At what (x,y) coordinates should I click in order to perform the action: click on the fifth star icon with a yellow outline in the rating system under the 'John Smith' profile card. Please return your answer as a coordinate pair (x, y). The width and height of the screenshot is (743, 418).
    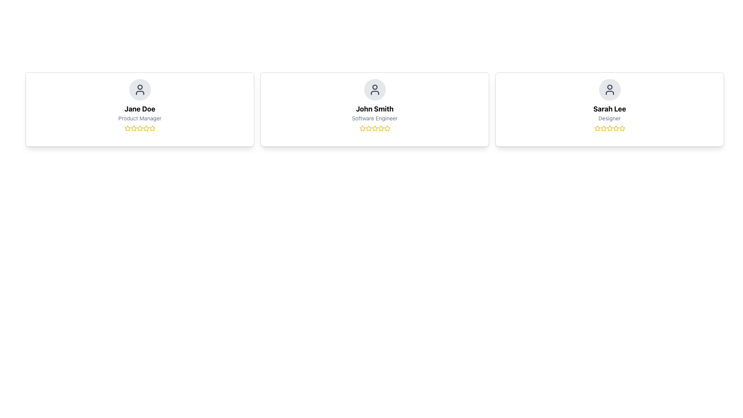
    Looking at the image, I should click on (381, 128).